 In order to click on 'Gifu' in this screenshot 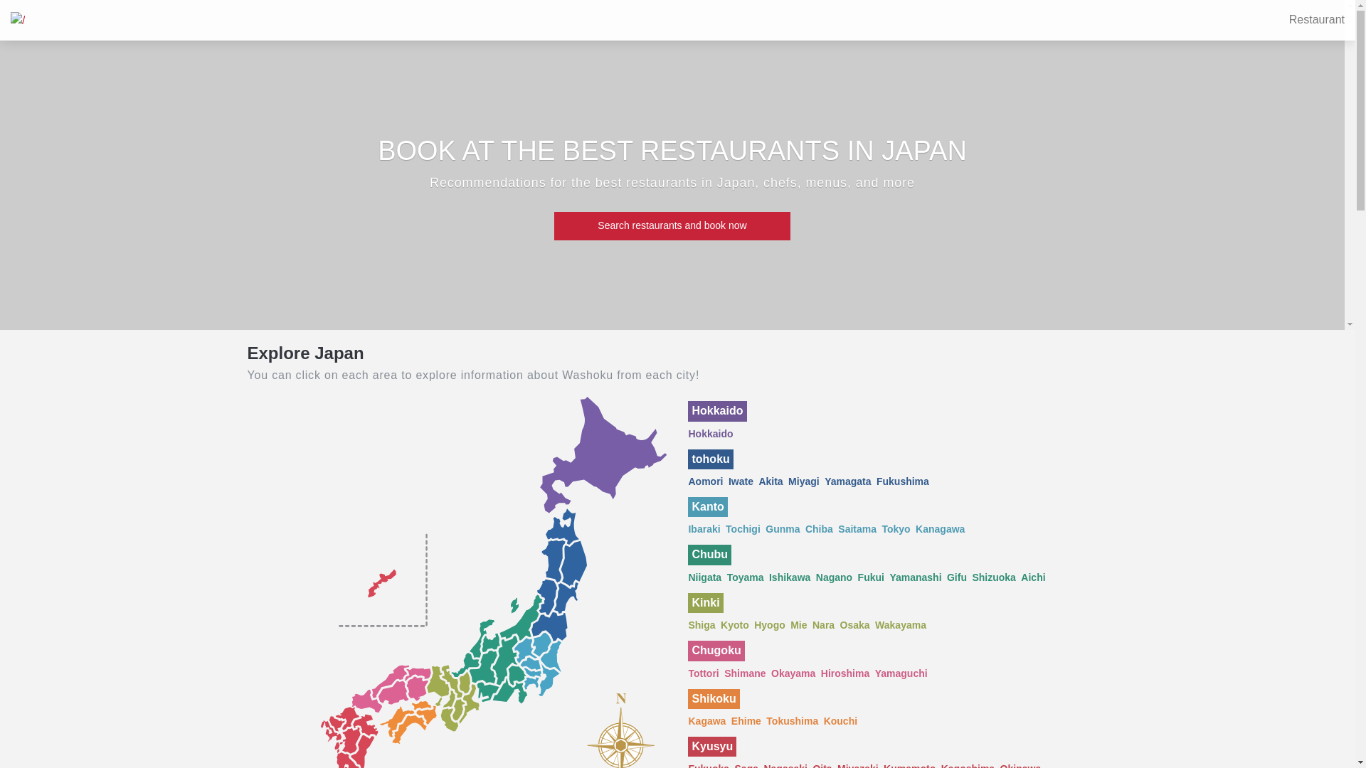, I will do `click(956, 577)`.